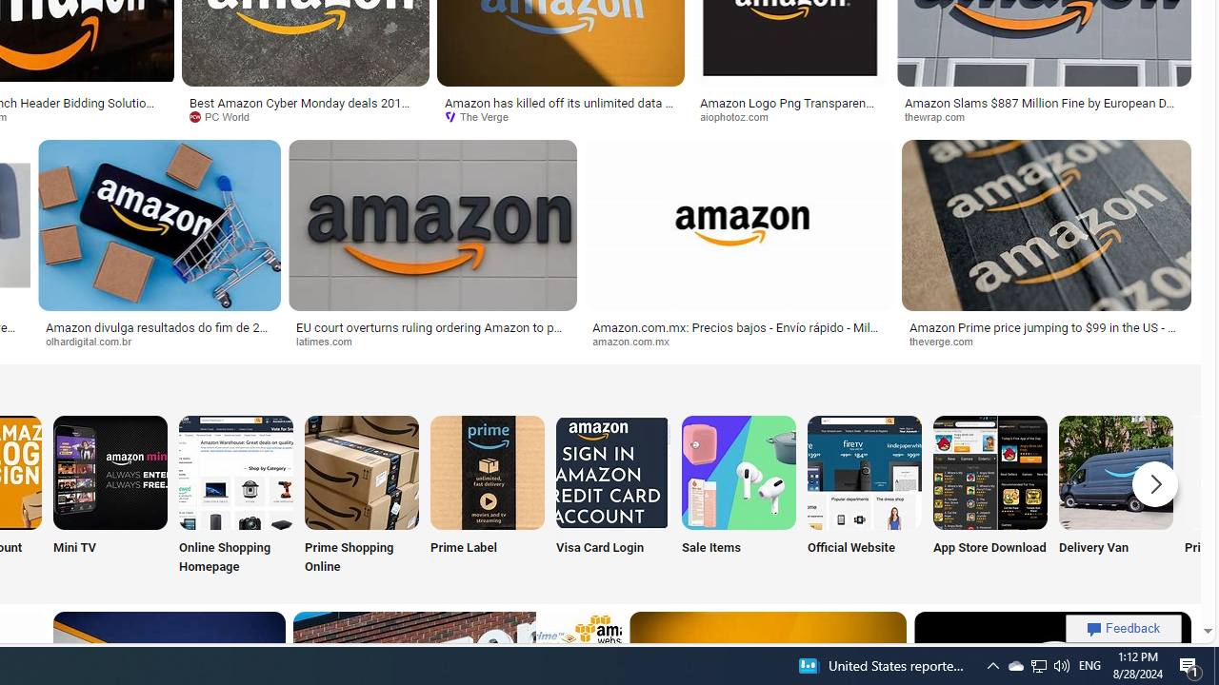 This screenshot has width=1219, height=685. What do you see at coordinates (612, 471) in the screenshot?
I see `'Amazon Visa Card Login'` at bounding box center [612, 471].